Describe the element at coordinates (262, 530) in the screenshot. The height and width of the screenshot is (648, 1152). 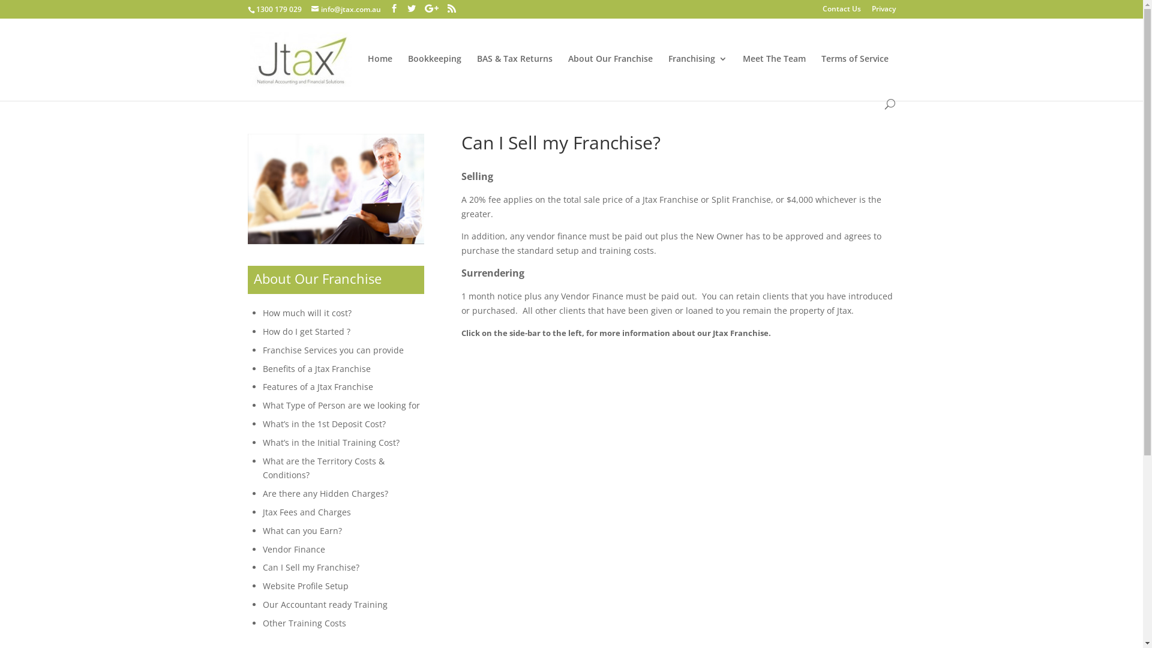
I see `'What can you Earn?'` at that location.